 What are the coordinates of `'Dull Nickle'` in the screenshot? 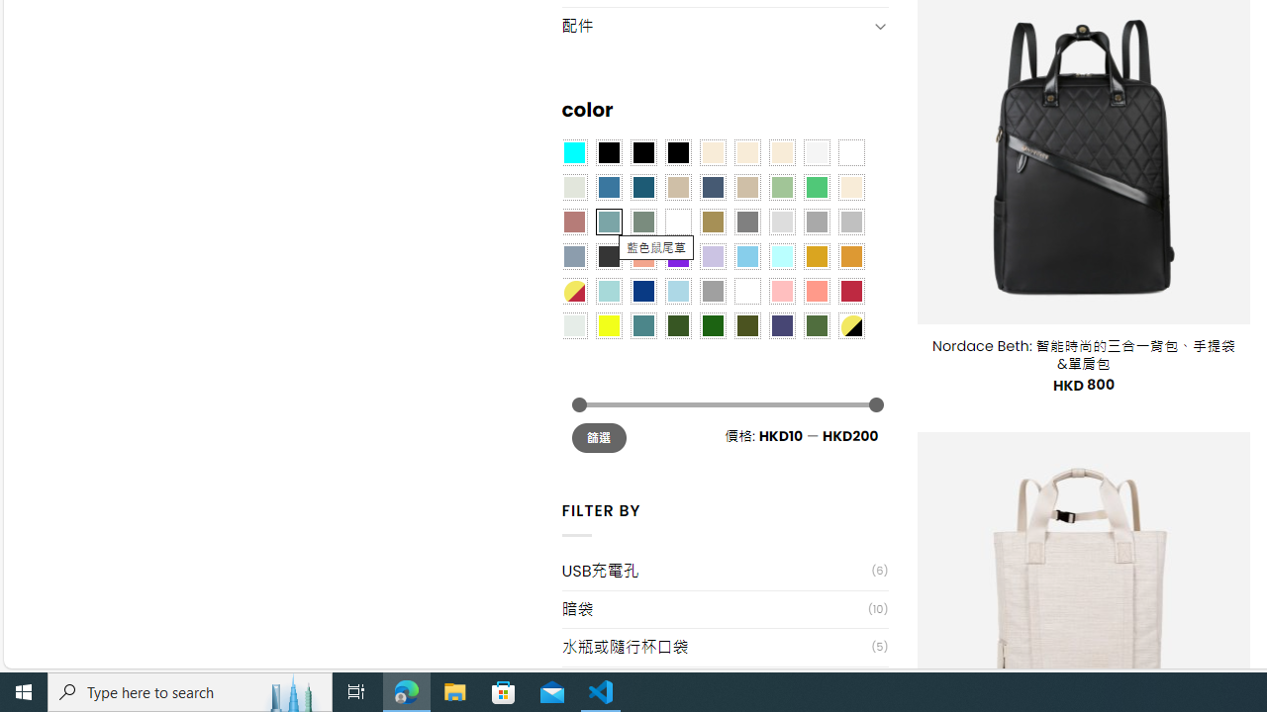 It's located at (572, 324).